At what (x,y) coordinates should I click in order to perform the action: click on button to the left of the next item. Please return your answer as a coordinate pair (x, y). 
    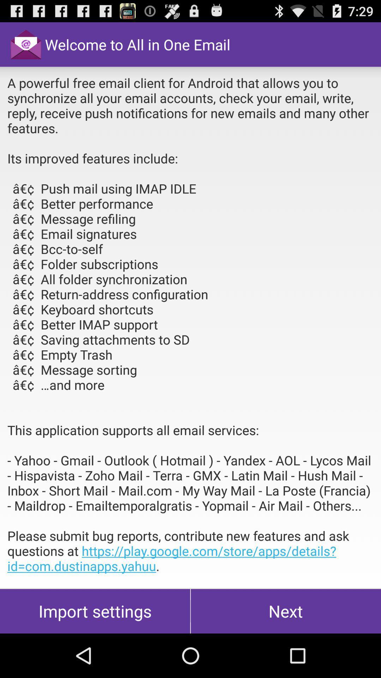
    Looking at the image, I should click on (95, 611).